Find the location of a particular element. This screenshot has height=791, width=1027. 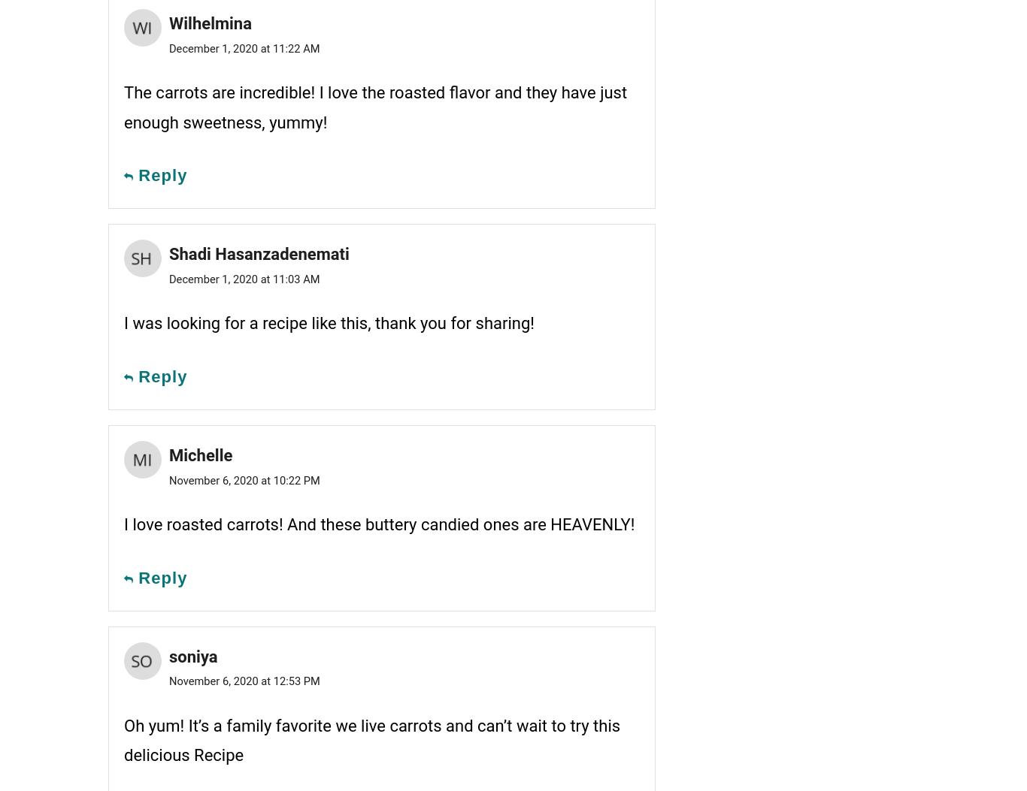

'December 1, 2020 at 11:03 AM' is located at coordinates (168, 277).